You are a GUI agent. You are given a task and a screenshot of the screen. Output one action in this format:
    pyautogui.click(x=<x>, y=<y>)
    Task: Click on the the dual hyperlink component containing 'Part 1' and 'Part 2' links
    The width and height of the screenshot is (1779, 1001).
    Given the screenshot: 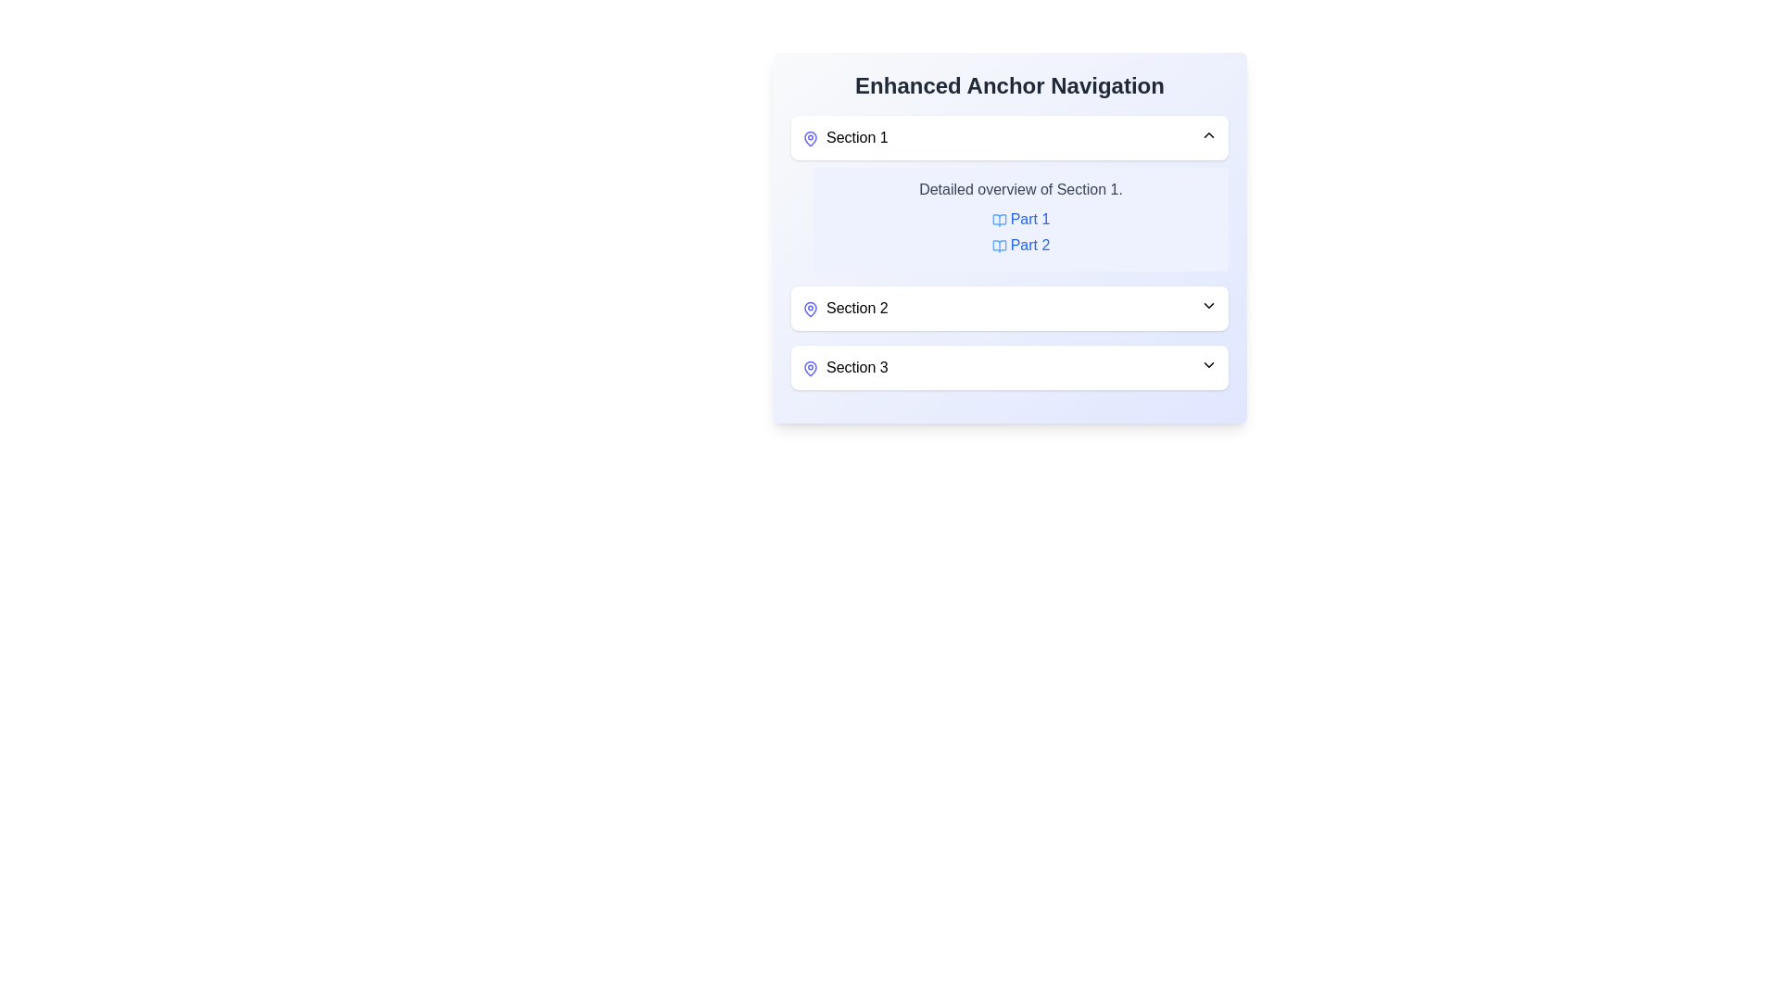 What is the action you would take?
    pyautogui.click(x=1020, y=231)
    